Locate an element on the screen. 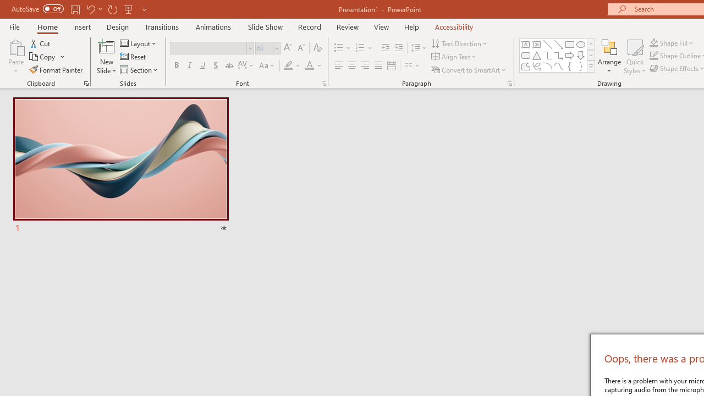  'Arrow: Right' is located at coordinates (570, 55).